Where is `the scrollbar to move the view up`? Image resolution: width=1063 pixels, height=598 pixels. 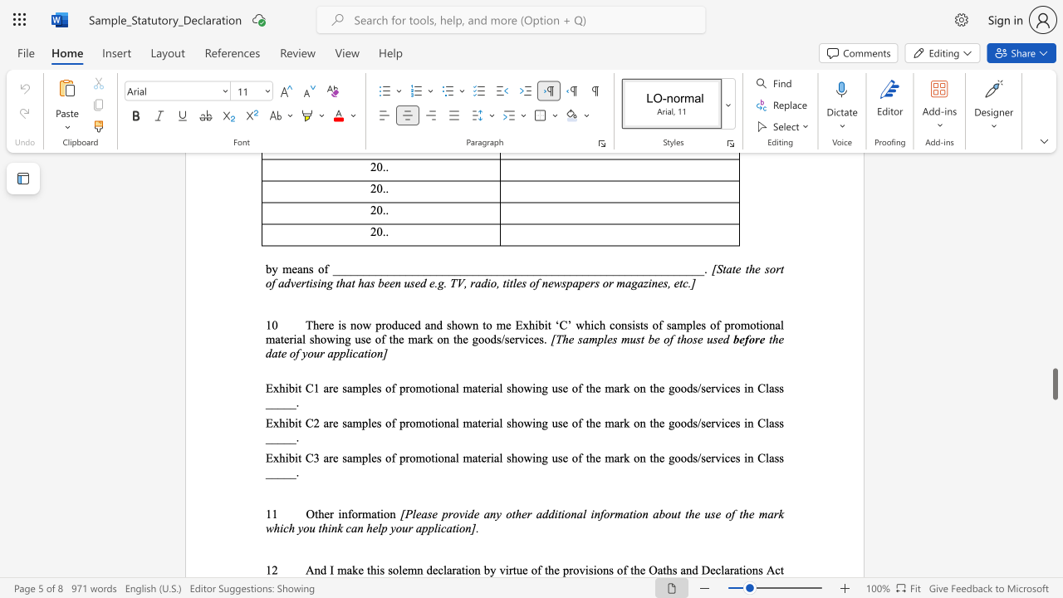 the scrollbar to move the view up is located at coordinates (1054, 407).